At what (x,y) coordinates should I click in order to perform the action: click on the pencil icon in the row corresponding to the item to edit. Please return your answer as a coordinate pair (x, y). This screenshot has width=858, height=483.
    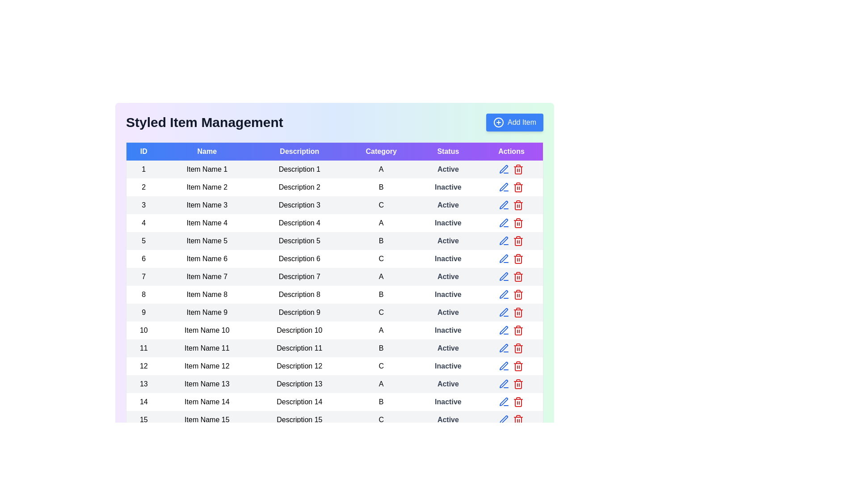
    Looking at the image, I should click on (504, 169).